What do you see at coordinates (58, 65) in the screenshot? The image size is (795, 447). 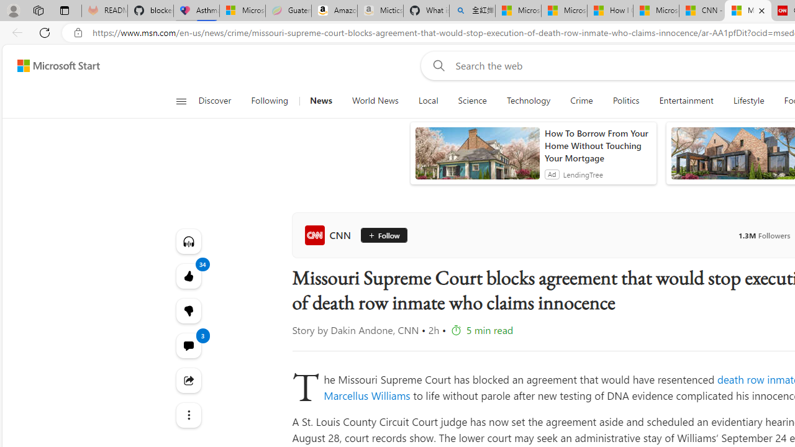 I see `'Microsoft Start'` at bounding box center [58, 65].